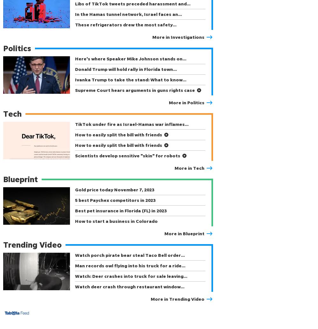 The image size is (318, 329). What do you see at coordinates (126, 69) in the screenshot?
I see `'Donald Trump will hold rally in Florida town…'` at bounding box center [126, 69].